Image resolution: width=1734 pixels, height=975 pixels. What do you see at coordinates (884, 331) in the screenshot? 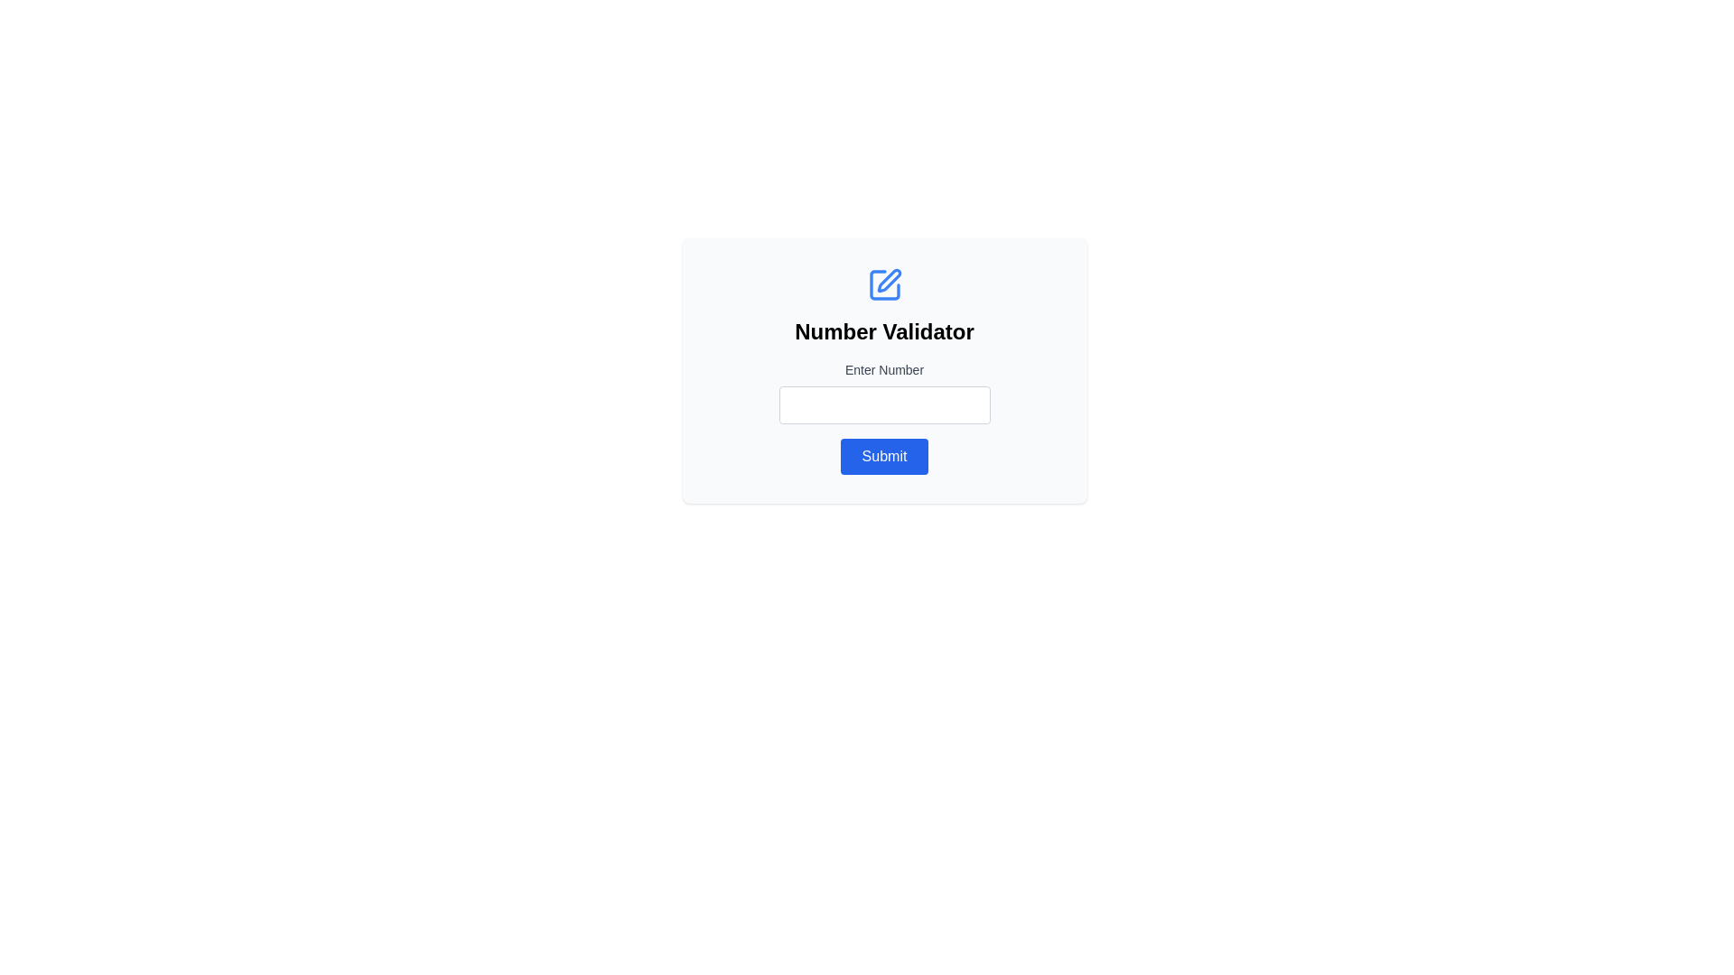
I see `the header element titled 'Number Validator', which is centrally aligned in the second visual row beneath a square pen icon` at bounding box center [884, 331].